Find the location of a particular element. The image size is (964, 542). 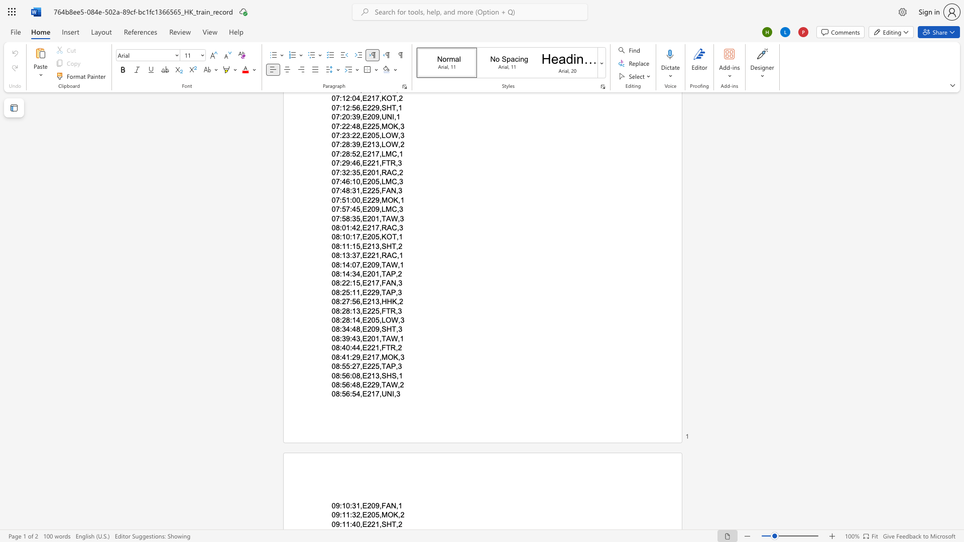

the subset text "9:43,E2" within the text "08:39:43,E201,TAW,1" is located at coordinates (346, 338).